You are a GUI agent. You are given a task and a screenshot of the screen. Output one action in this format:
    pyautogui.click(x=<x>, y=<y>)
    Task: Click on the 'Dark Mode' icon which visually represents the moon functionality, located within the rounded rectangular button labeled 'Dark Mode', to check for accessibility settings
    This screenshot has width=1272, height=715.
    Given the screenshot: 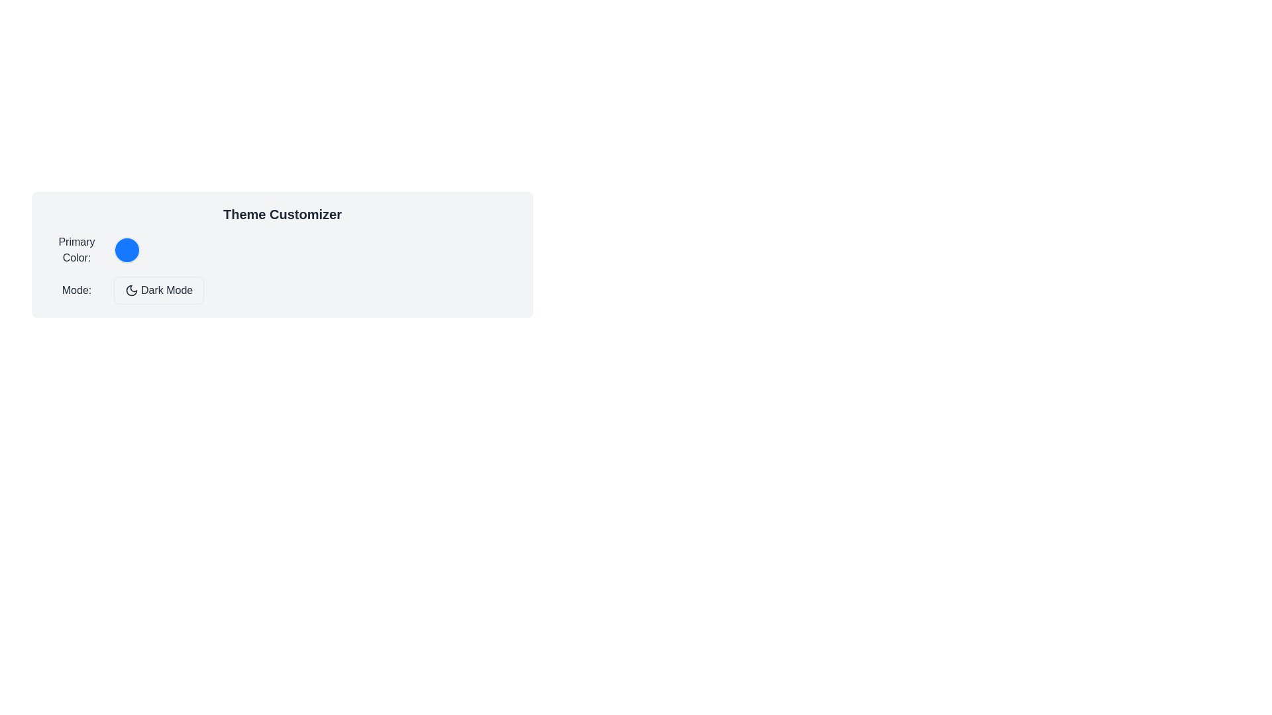 What is the action you would take?
    pyautogui.click(x=131, y=290)
    